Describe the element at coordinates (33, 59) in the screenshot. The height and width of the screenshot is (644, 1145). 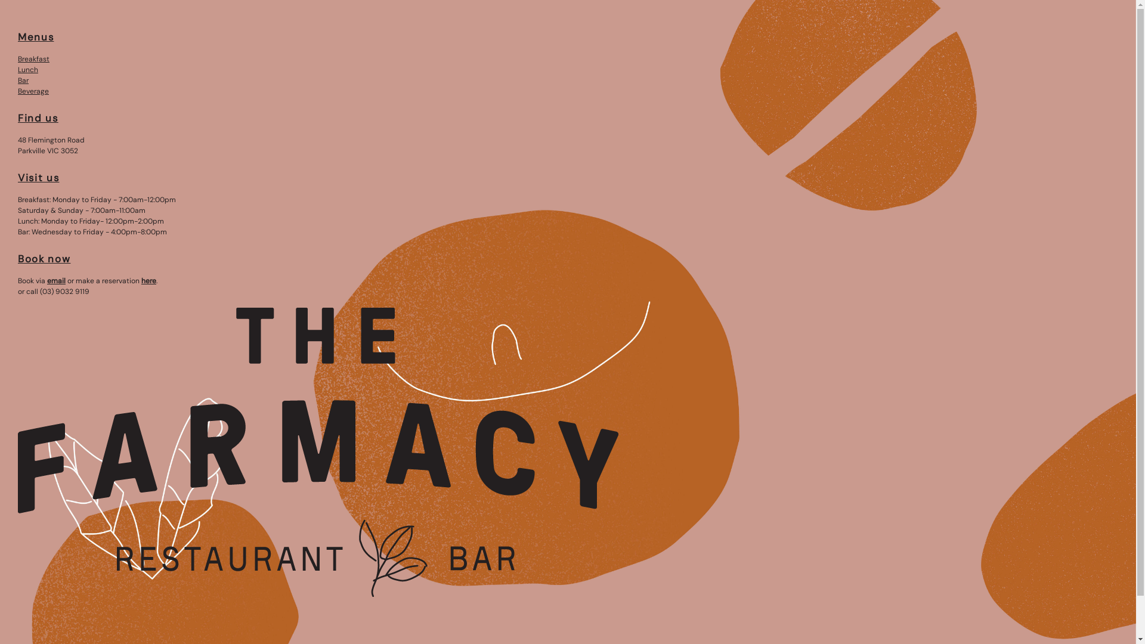
I see `'Breakfast'` at that location.